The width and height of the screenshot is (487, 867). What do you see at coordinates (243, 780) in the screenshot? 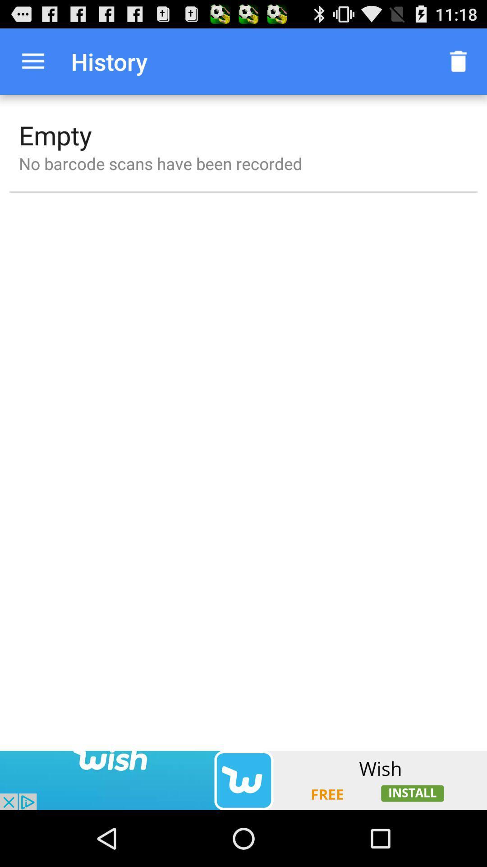
I see `the option` at bounding box center [243, 780].